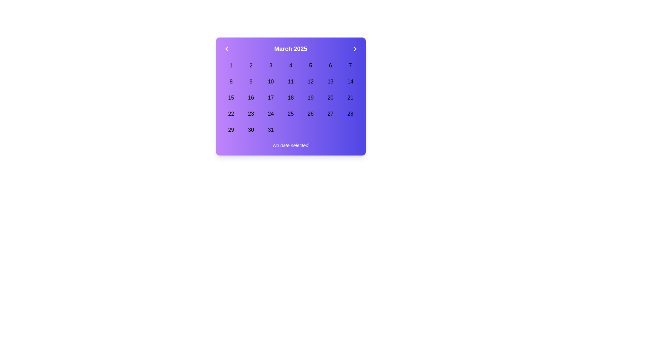  Describe the element at coordinates (291, 145) in the screenshot. I see `the informational label displaying 'No date selected' at the bottom of the calendar component` at that location.